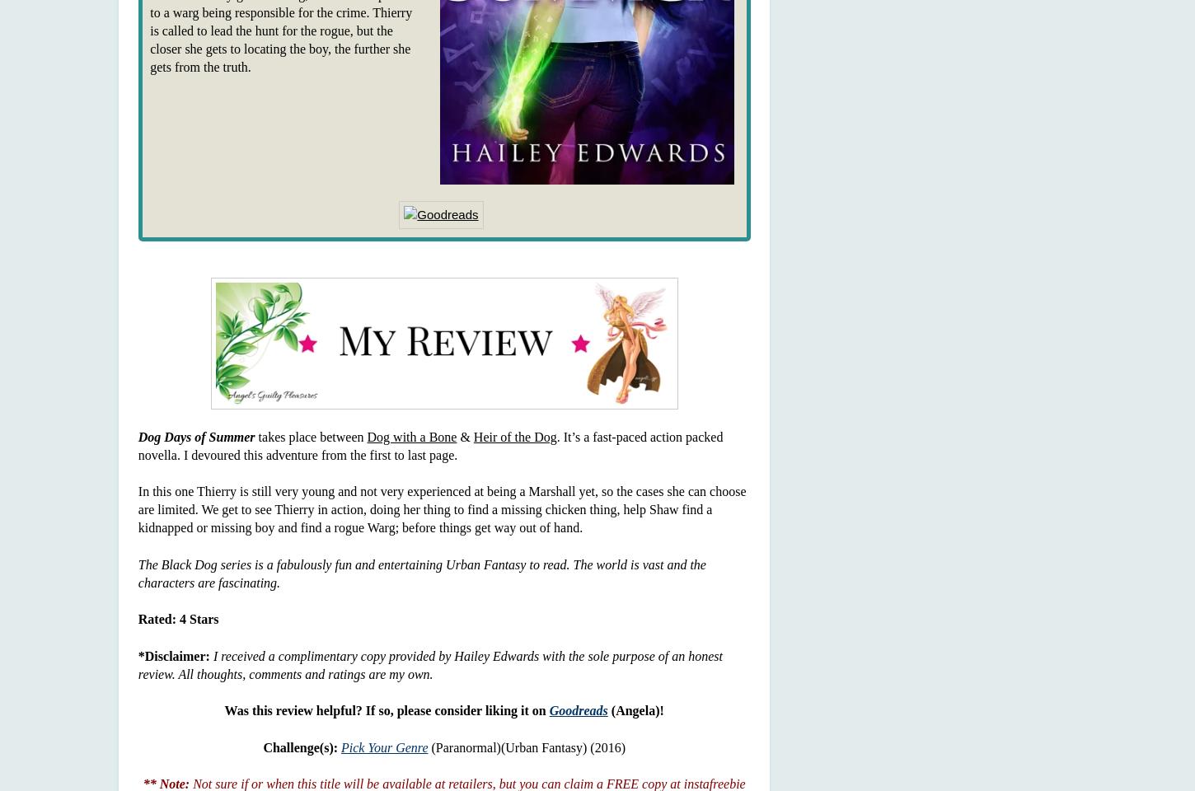 This screenshot has width=1195, height=791. What do you see at coordinates (465, 435) in the screenshot?
I see `'&'` at bounding box center [465, 435].